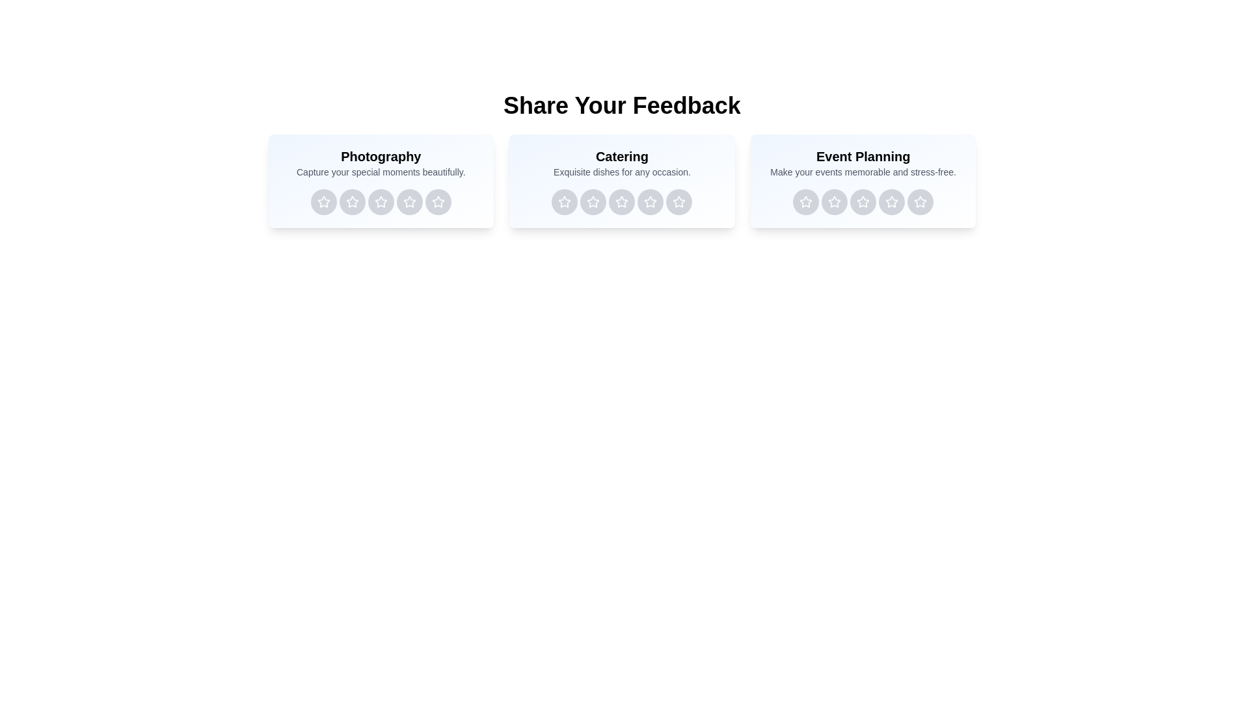 The height and width of the screenshot is (702, 1249). I want to click on the rating button for Catering service with 4 stars, so click(650, 202).